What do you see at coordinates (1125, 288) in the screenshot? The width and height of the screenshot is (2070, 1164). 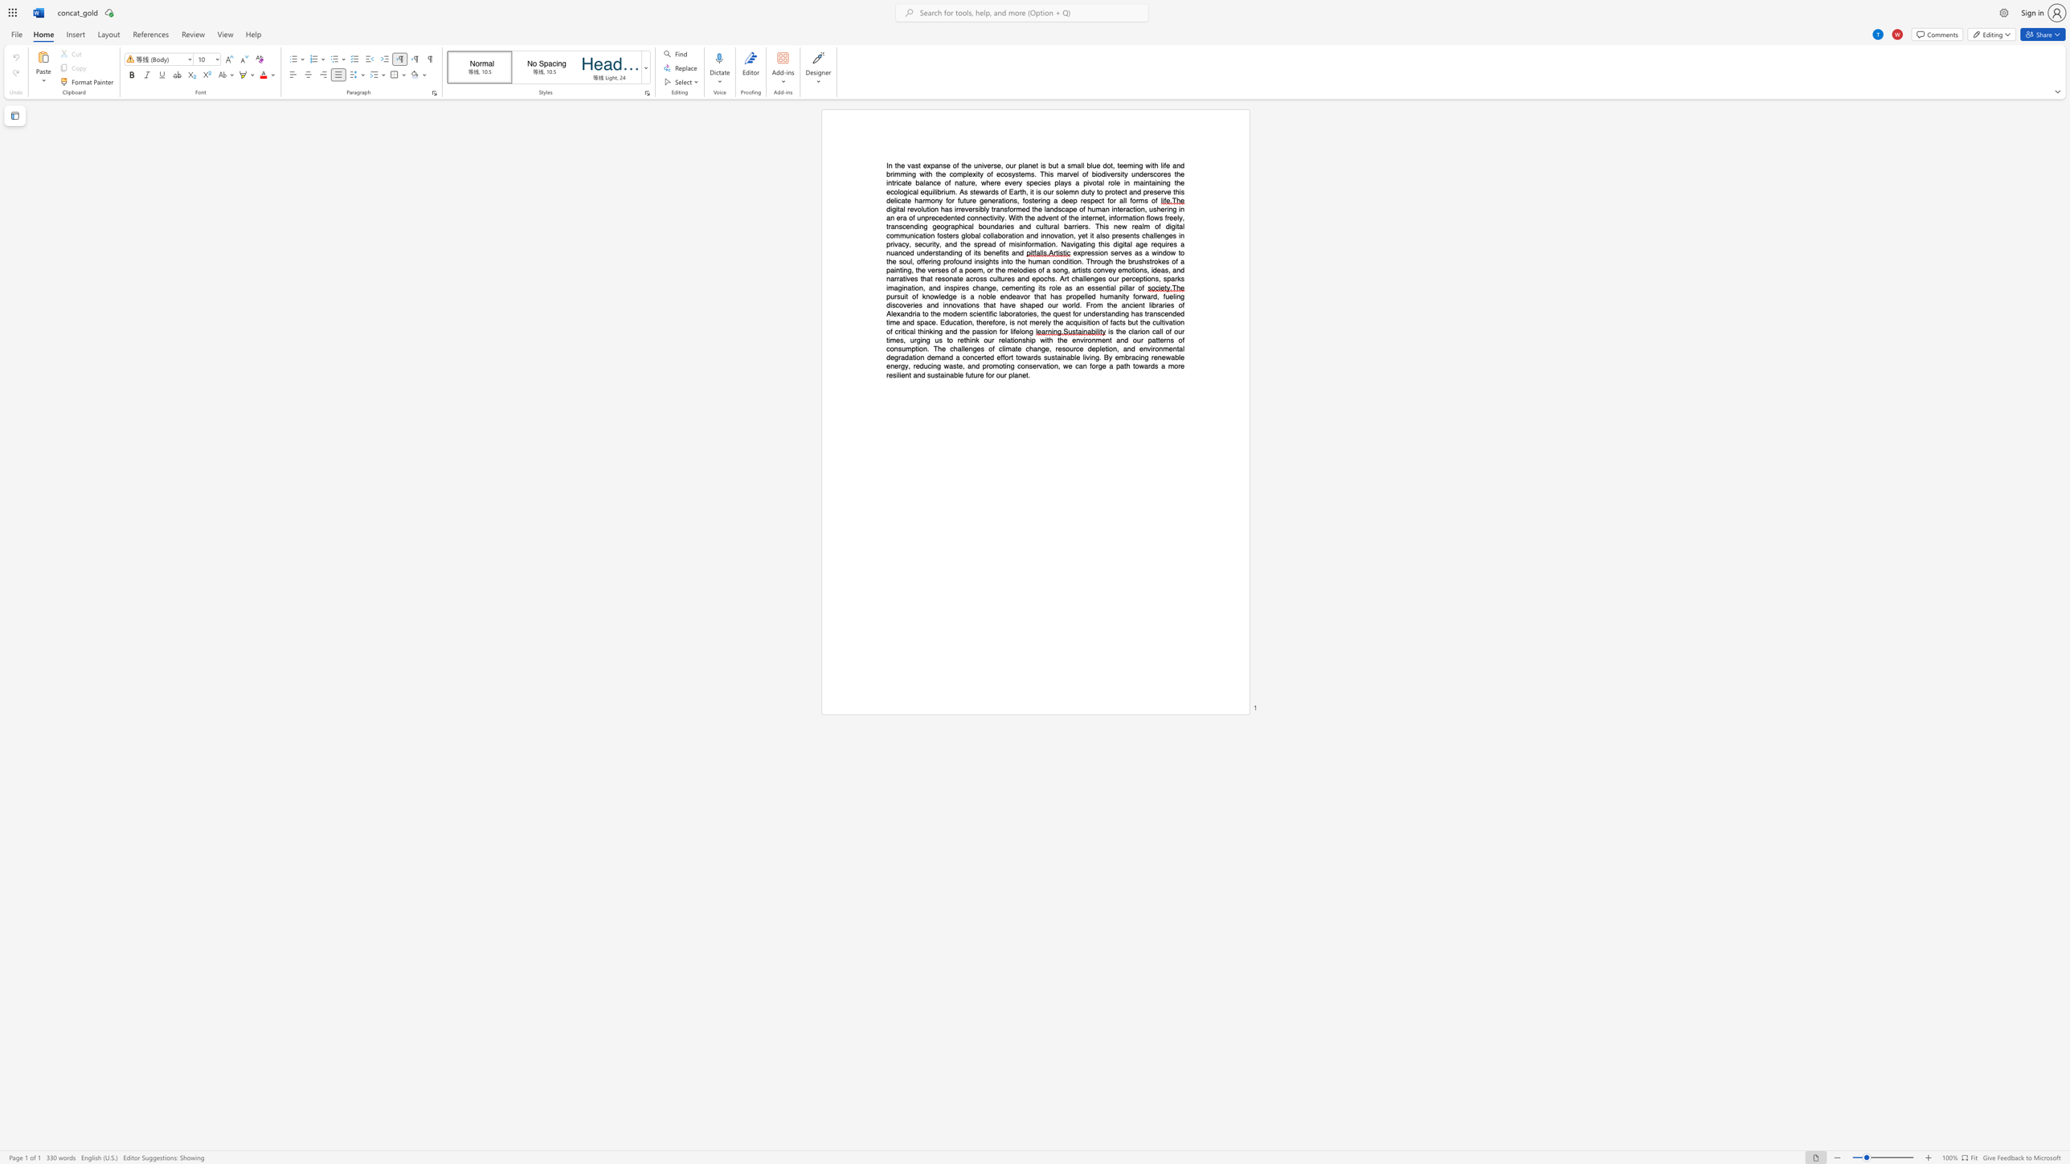 I see `the subset text "llar" within the text ", sparks imagination, and inspires change, cementing its role as an essential pillar of"` at bounding box center [1125, 288].